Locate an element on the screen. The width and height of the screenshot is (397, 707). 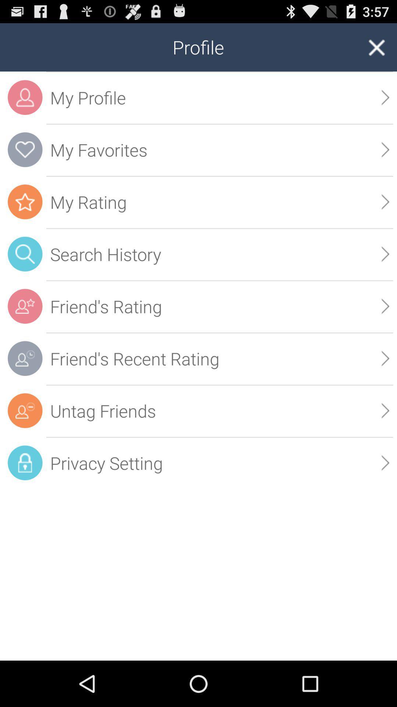
icon below friend's rating item is located at coordinates (385, 358).